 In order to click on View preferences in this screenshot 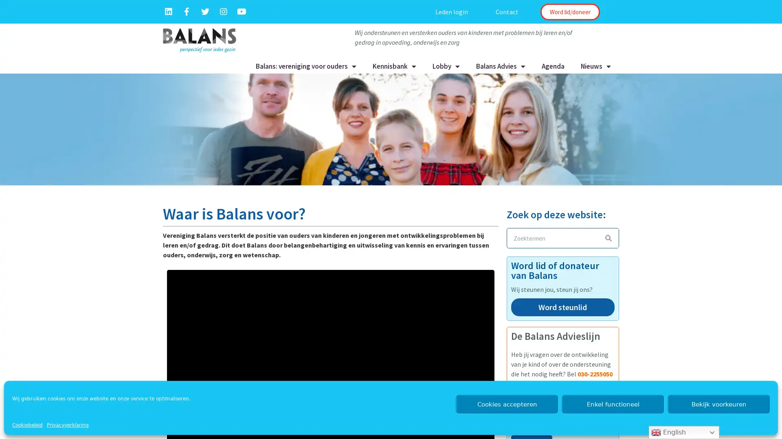, I will do `click(719, 404)`.